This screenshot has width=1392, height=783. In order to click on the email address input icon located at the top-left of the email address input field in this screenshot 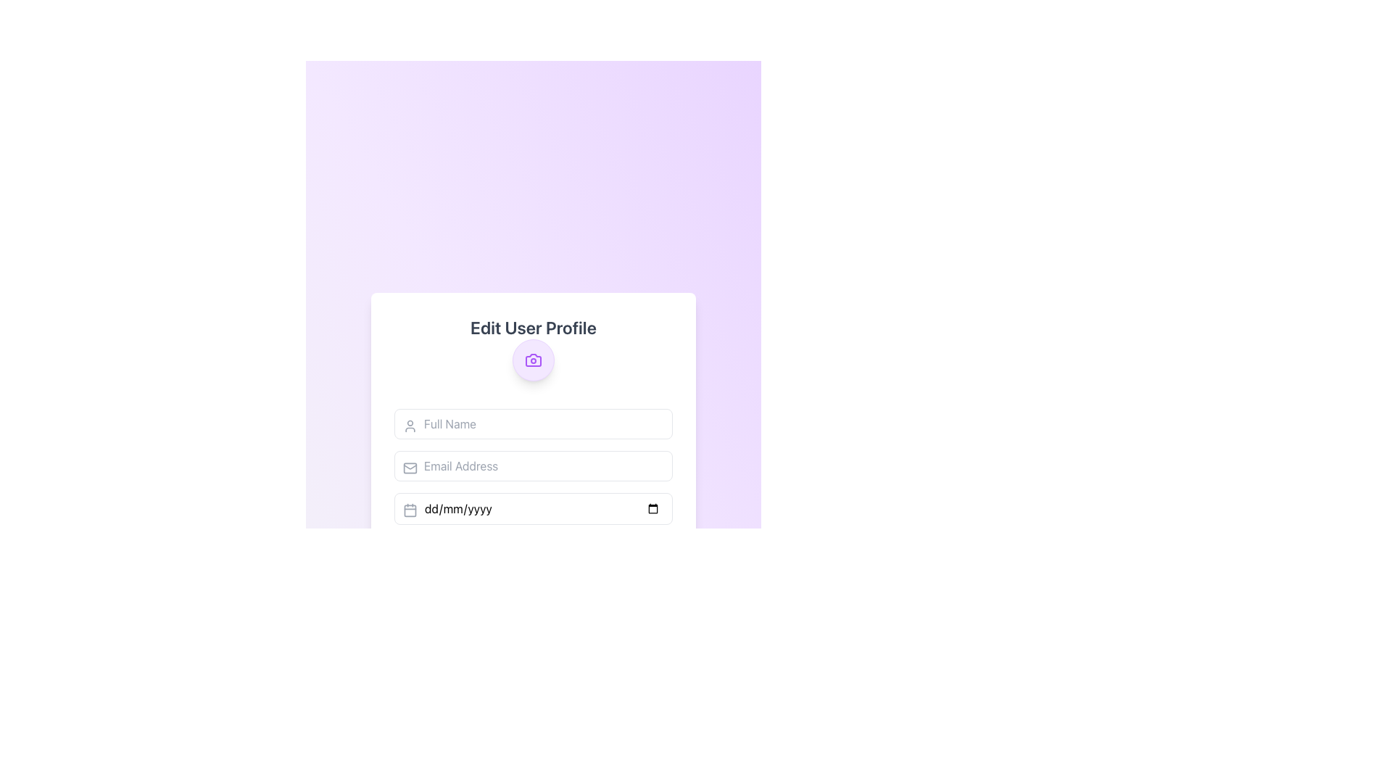, I will do `click(410, 468)`.